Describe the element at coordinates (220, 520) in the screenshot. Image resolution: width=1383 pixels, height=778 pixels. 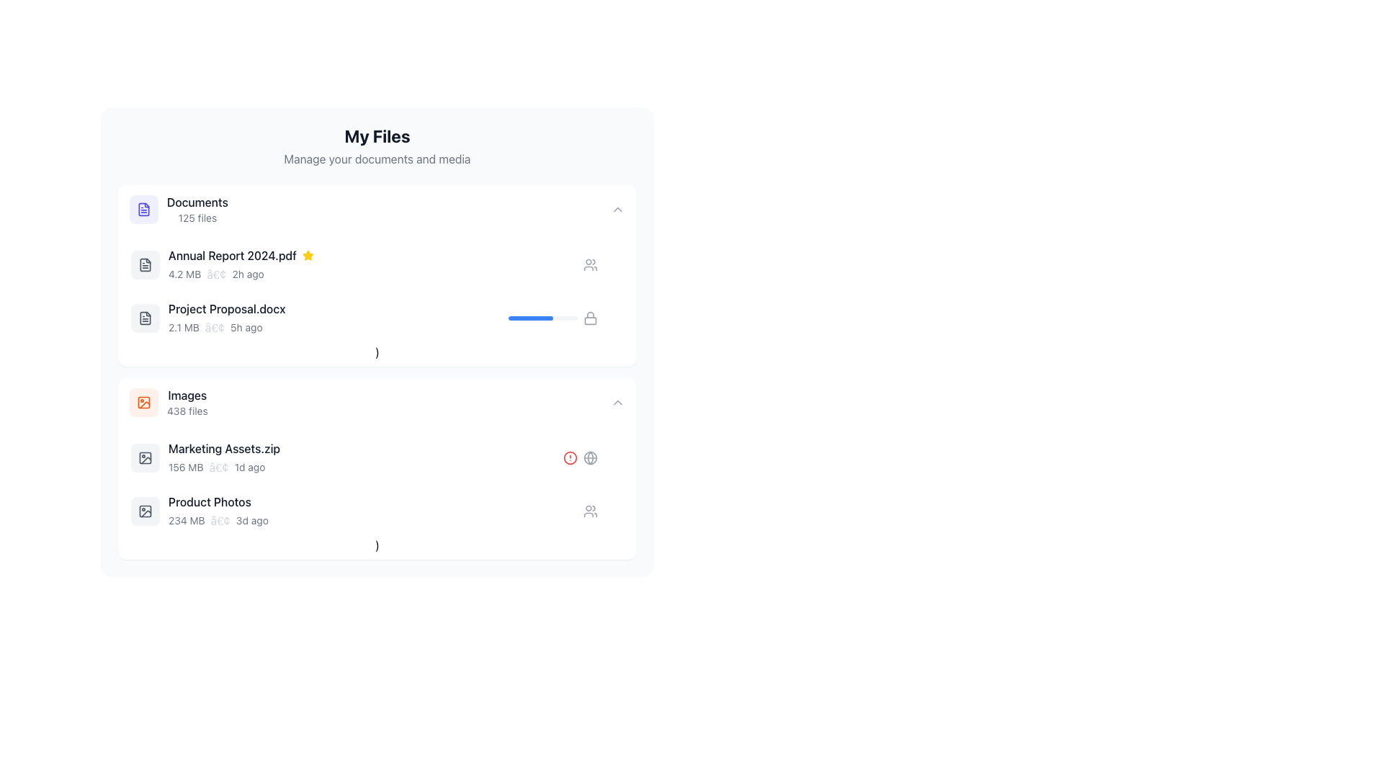
I see `the middle dot '•' icon located between '234 MB' and '3d ago' in the third list item of the 'Images' section` at that location.